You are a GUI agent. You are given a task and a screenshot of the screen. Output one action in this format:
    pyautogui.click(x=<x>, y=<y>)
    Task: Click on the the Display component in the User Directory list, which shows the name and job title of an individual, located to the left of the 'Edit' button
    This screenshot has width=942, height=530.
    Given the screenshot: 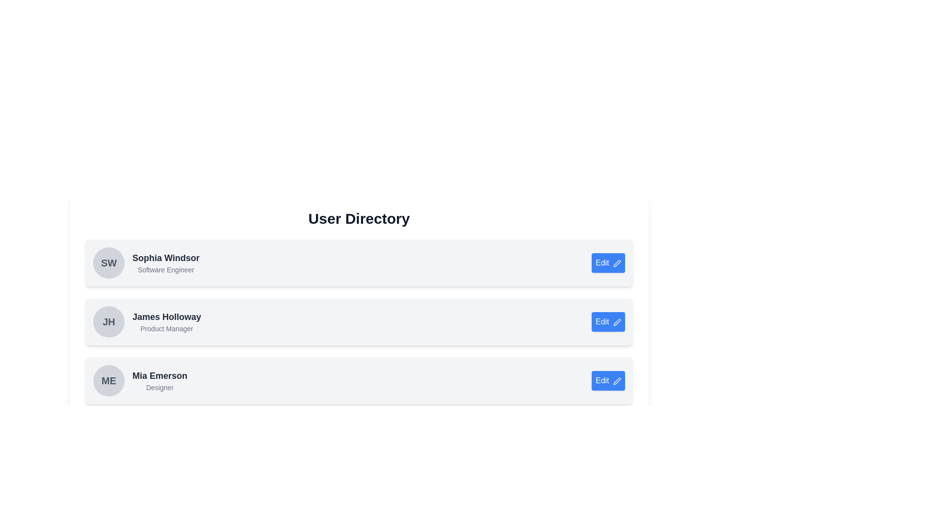 What is the action you would take?
    pyautogui.click(x=140, y=380)
    